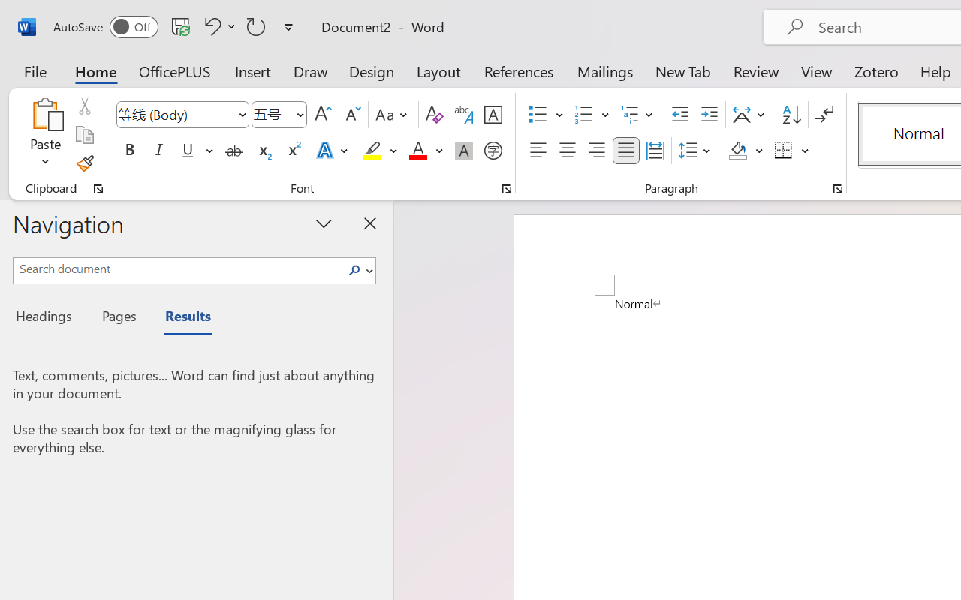 This screenshot has height=600, width=961. I want to click on 'Home', so click(95, 70).